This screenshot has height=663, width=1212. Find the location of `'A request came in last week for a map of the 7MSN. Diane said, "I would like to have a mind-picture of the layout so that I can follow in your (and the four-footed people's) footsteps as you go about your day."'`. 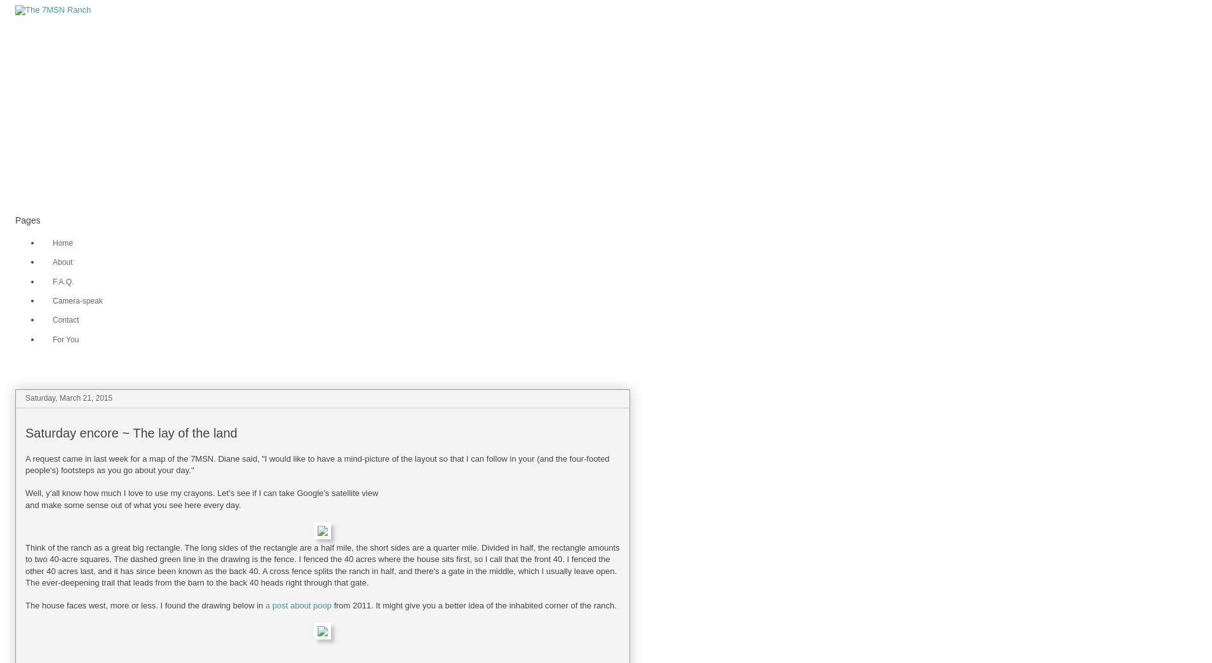

'A request came in last week for a map of the 7MSN. Diane said, "I would like to have a mind-picture of the layout so that I can follow in your (and the four-footed people's) footsteps as you go about your day."' is located at coordinates (316, 464).